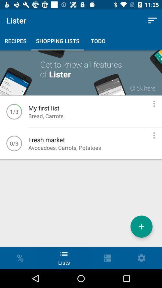 The width and height of the screenshot is (162, 288). What do you see at coordinates (141, 226) in the screenshot?
I see `the icon below avocadoes, carrots, potatoes item` at bounding box center [141, 226].